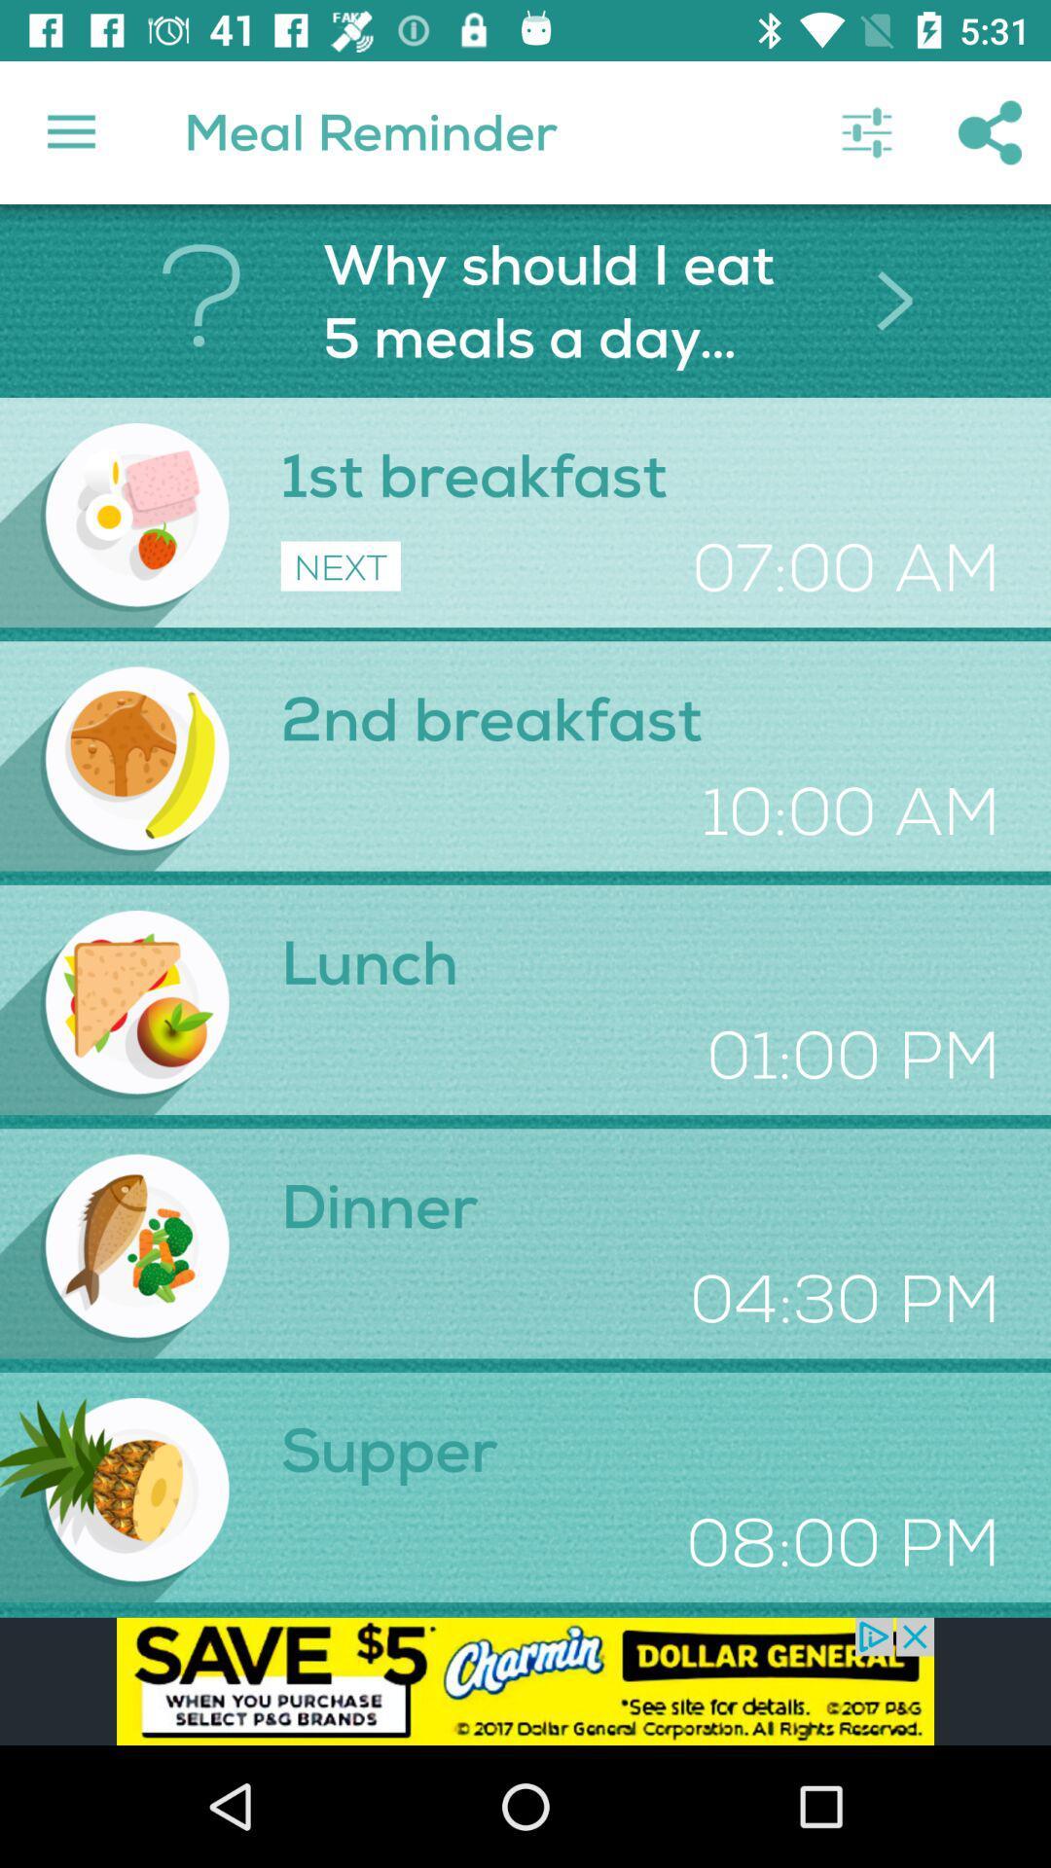 This screenshot has height=1868, width=1051. What do you see at coordinates (525, 1680) in the screenshot?
I see `share the article` at bounding box center [525, 1680].